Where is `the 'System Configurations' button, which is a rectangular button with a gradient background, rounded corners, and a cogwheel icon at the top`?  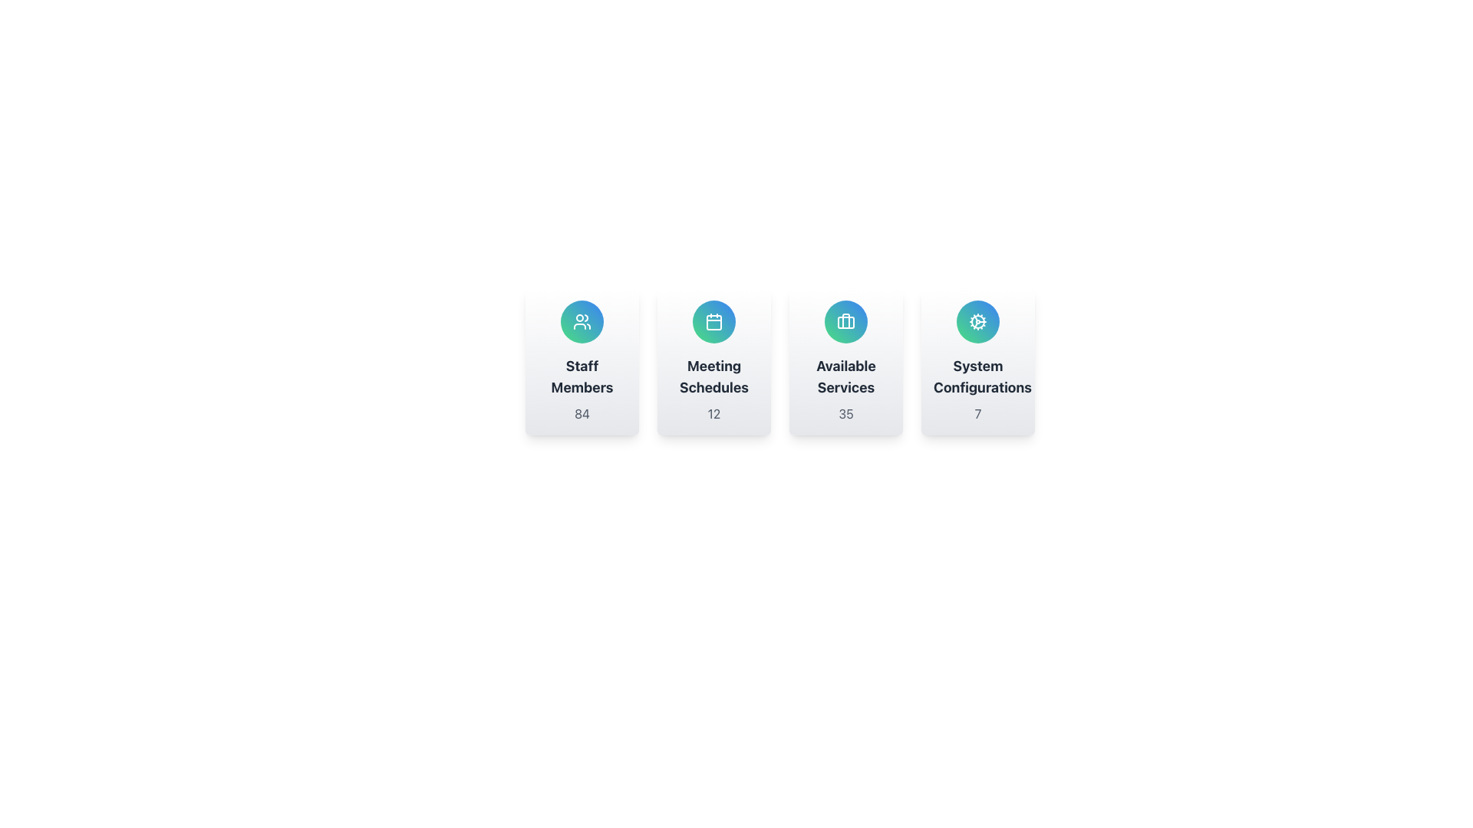
the 'System Configurations' button, which is a rectangular button with a gradient background, rounded corners, and a cogwheel icon at the top is located at coordinates (977, 361).